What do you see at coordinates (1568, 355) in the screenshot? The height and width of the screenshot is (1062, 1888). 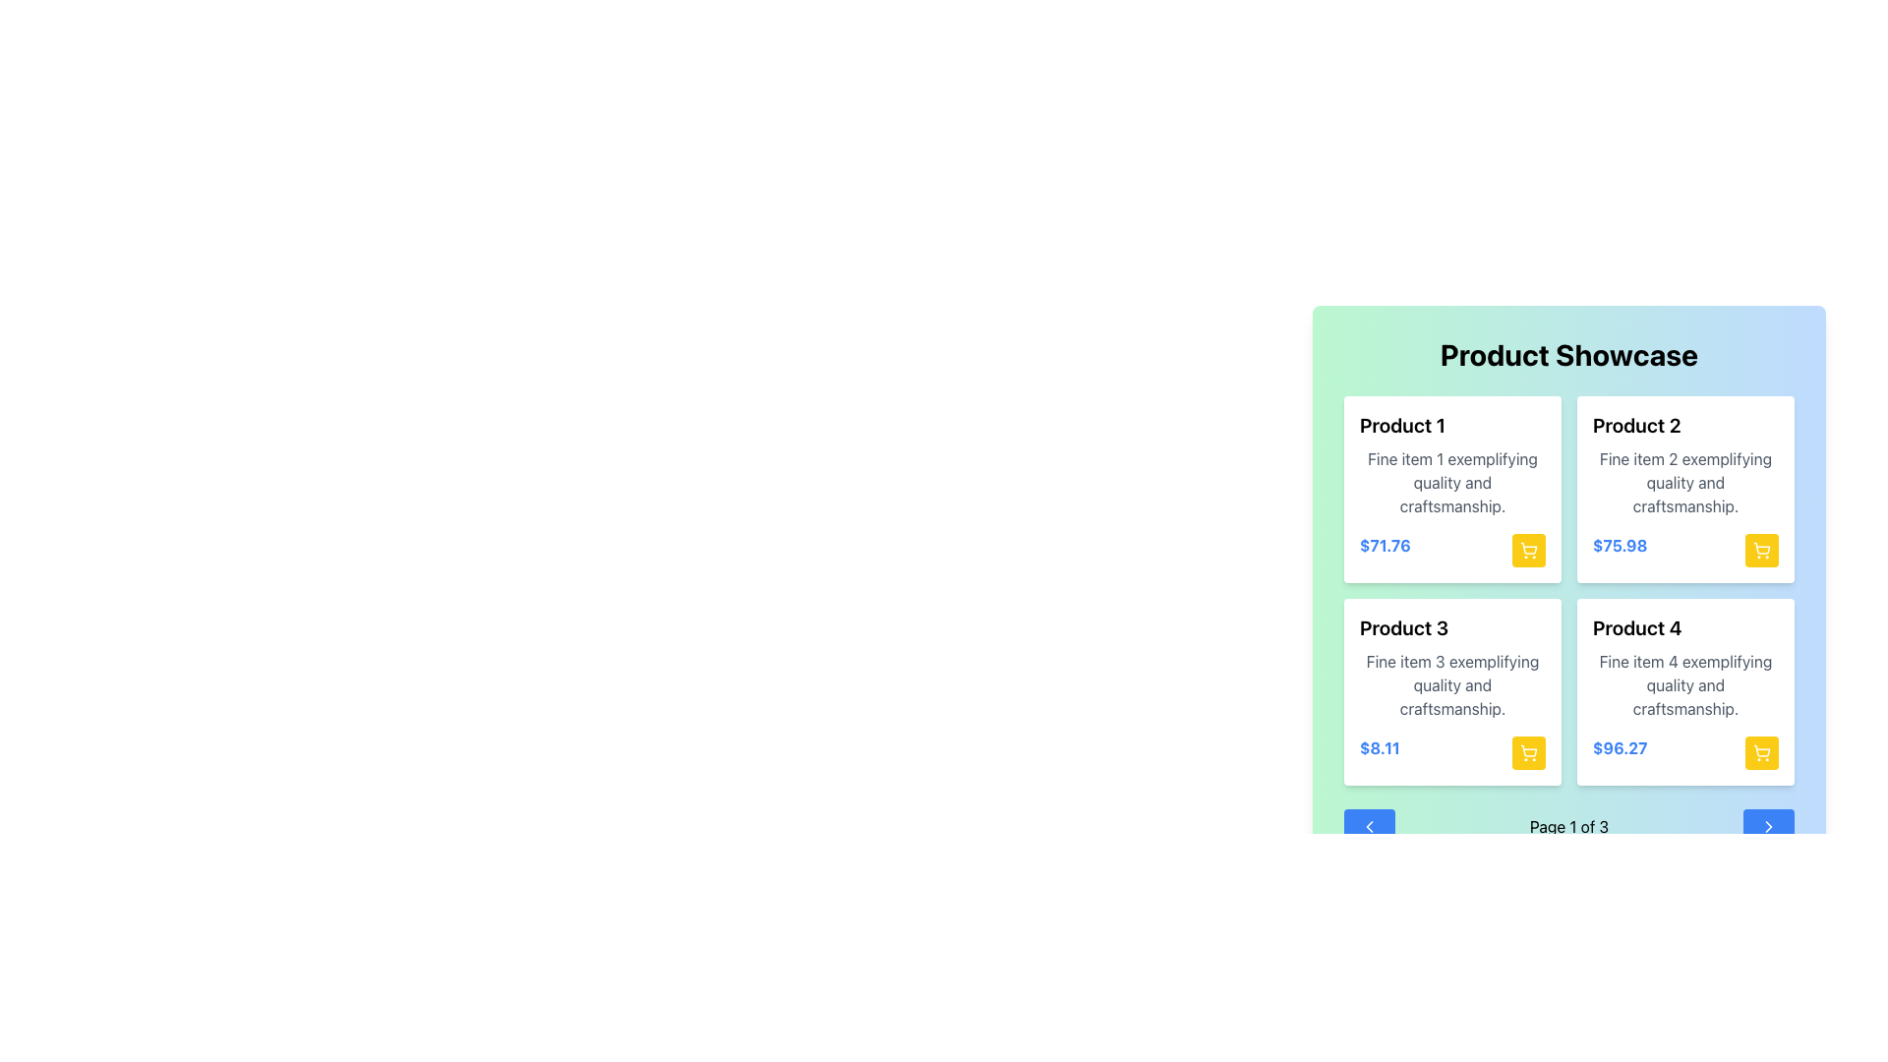 I see `the bold, extra-large static text header reading 'Product Showcase' which is centrally aligned at the top of the product details section` at bounding box center [1568, 355].